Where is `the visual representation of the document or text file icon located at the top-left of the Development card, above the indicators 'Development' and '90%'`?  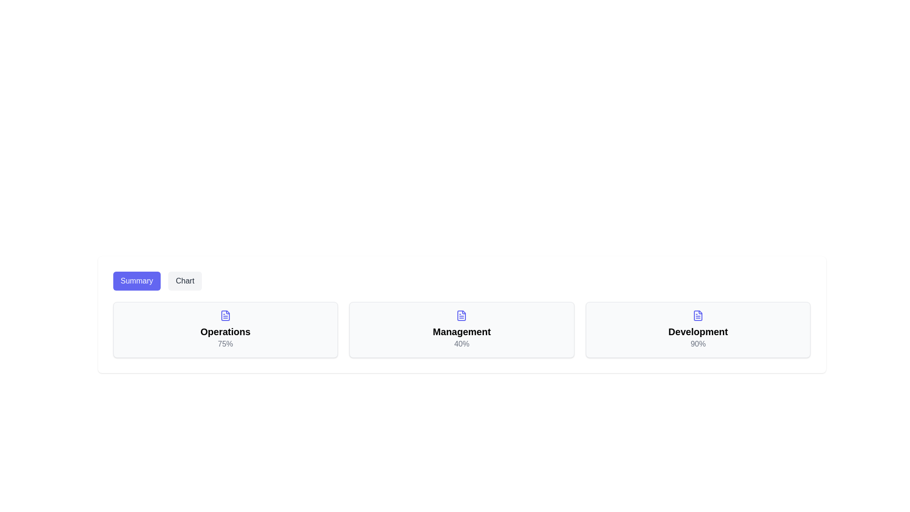
the visual representation of the document or text file icon located at the top-left of the Development card, above the indicators 'Development' and '90%' is located at coordinates (698, 316).